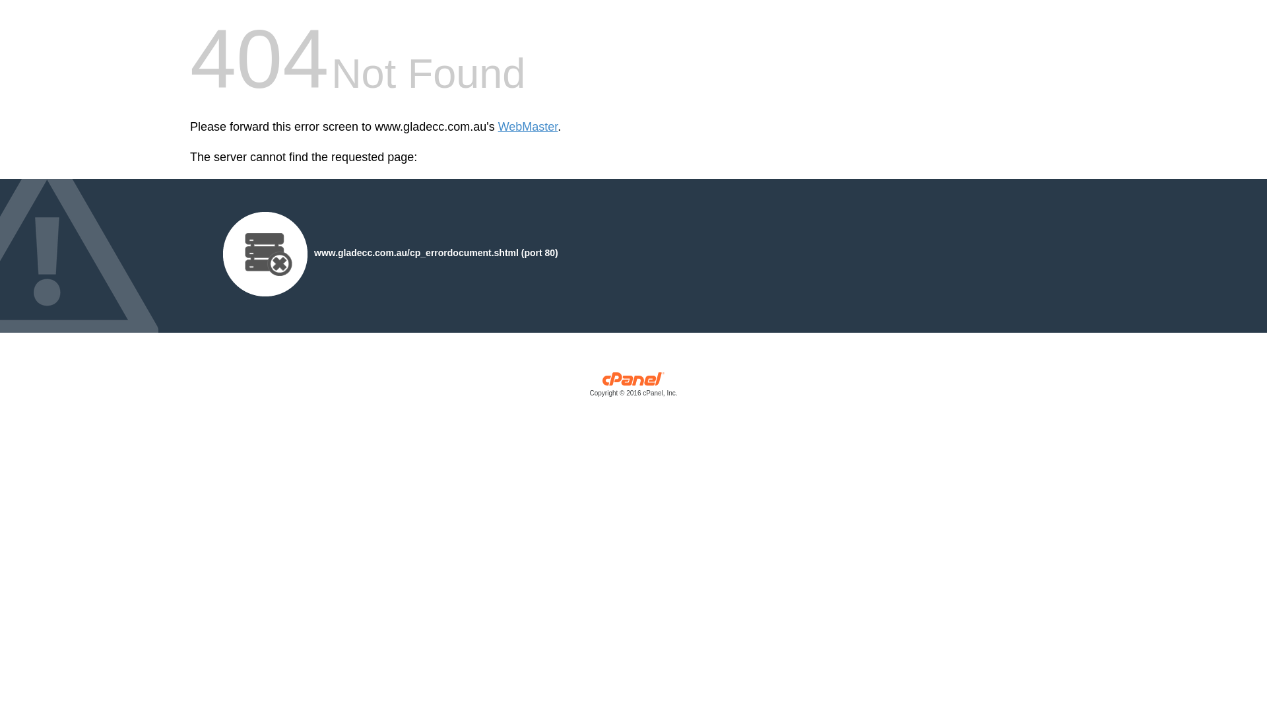 This screenshot has width=1267, height=713. I want to click on 'WebMaster', so click(528, 127).